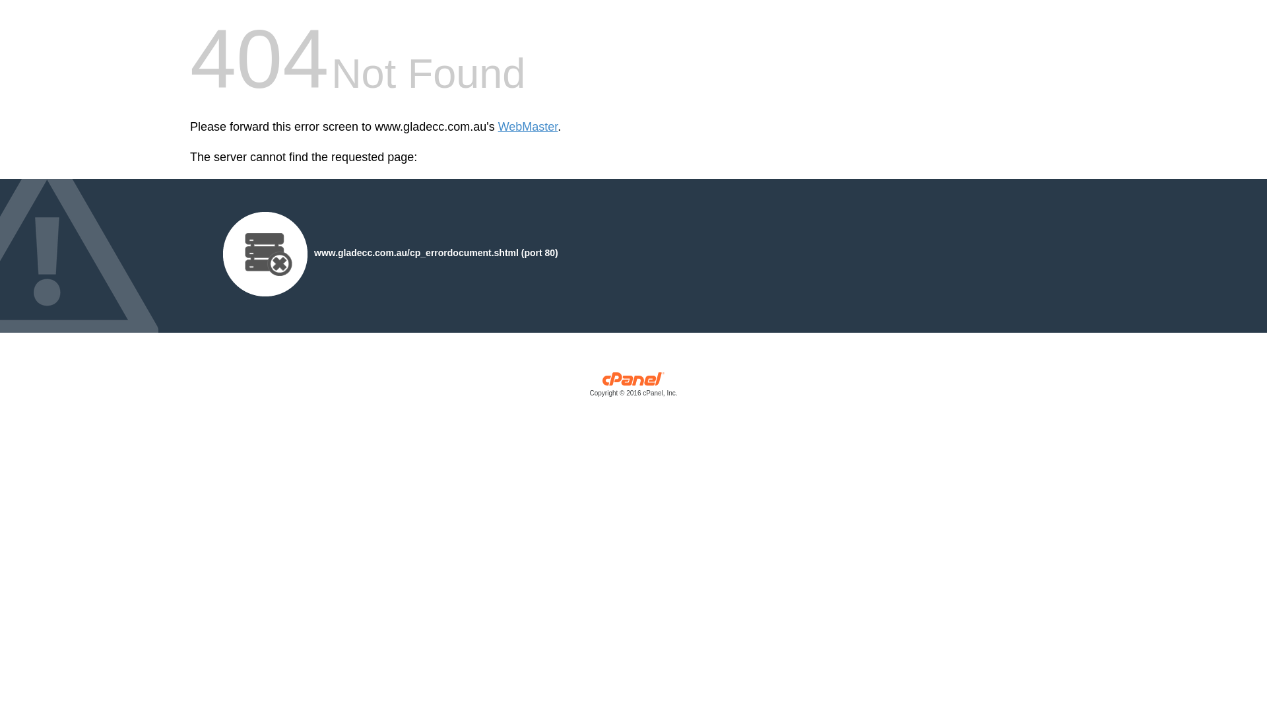 This screenshot has width=1267, height=713. I want to click on 'WebMaster', so click(528, 127).